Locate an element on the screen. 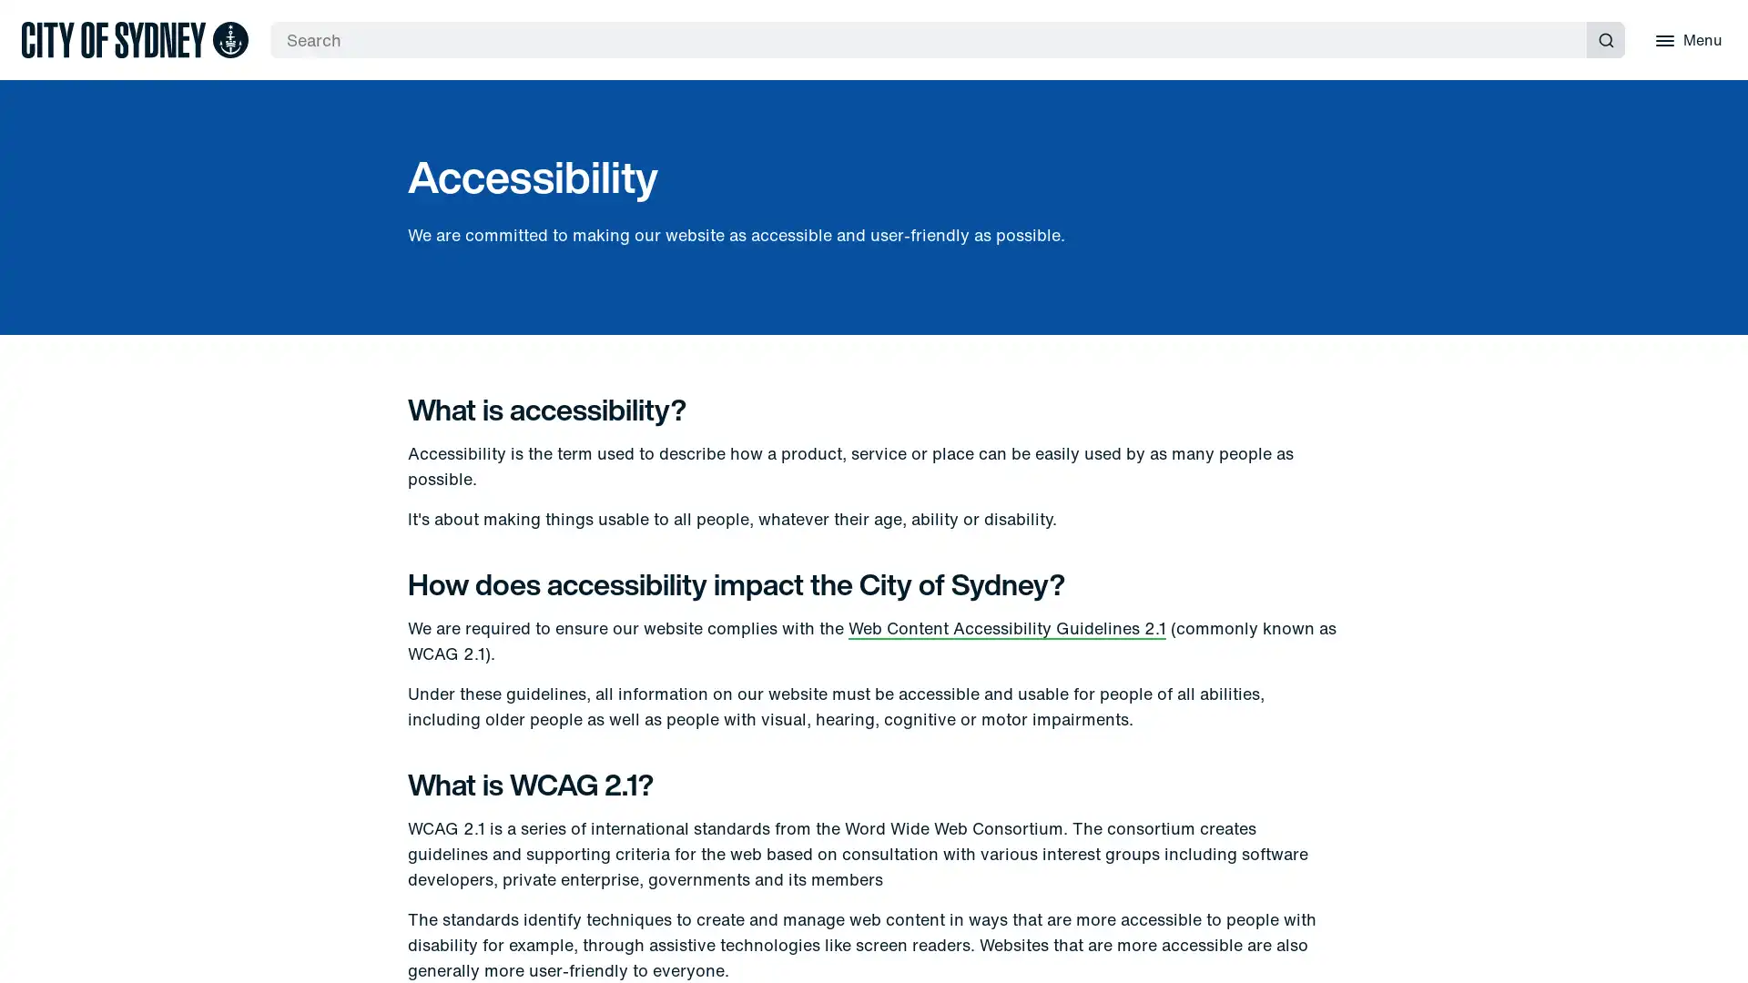 This screenshot has width=1748, height=983. Menu is located at coordinates (1685, 39).